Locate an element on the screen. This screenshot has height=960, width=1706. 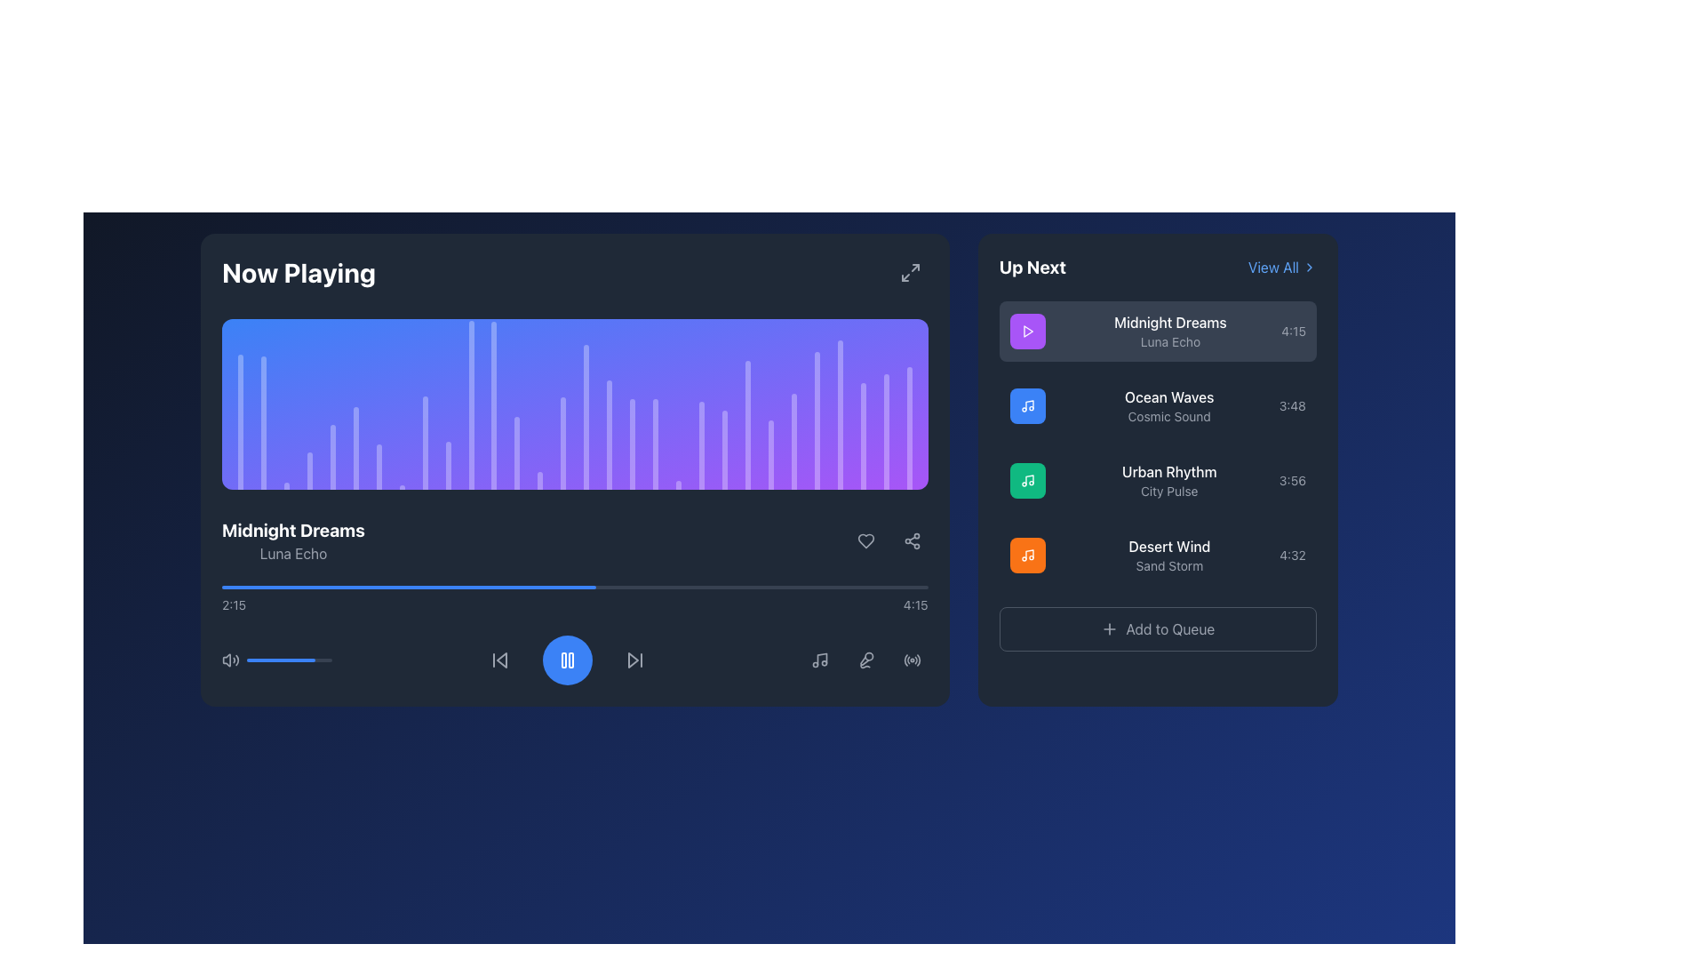
the circular button with radio wave graphics located in the bottom-right corner of the 'Now Playing' interface is located at coordinates (912, 660).